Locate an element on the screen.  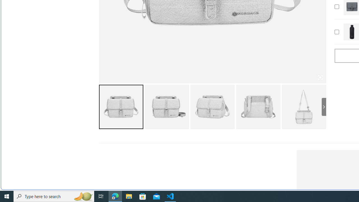
'Class: iconic-woothumbs-fullscreen' is located at coordinates (320, 77).